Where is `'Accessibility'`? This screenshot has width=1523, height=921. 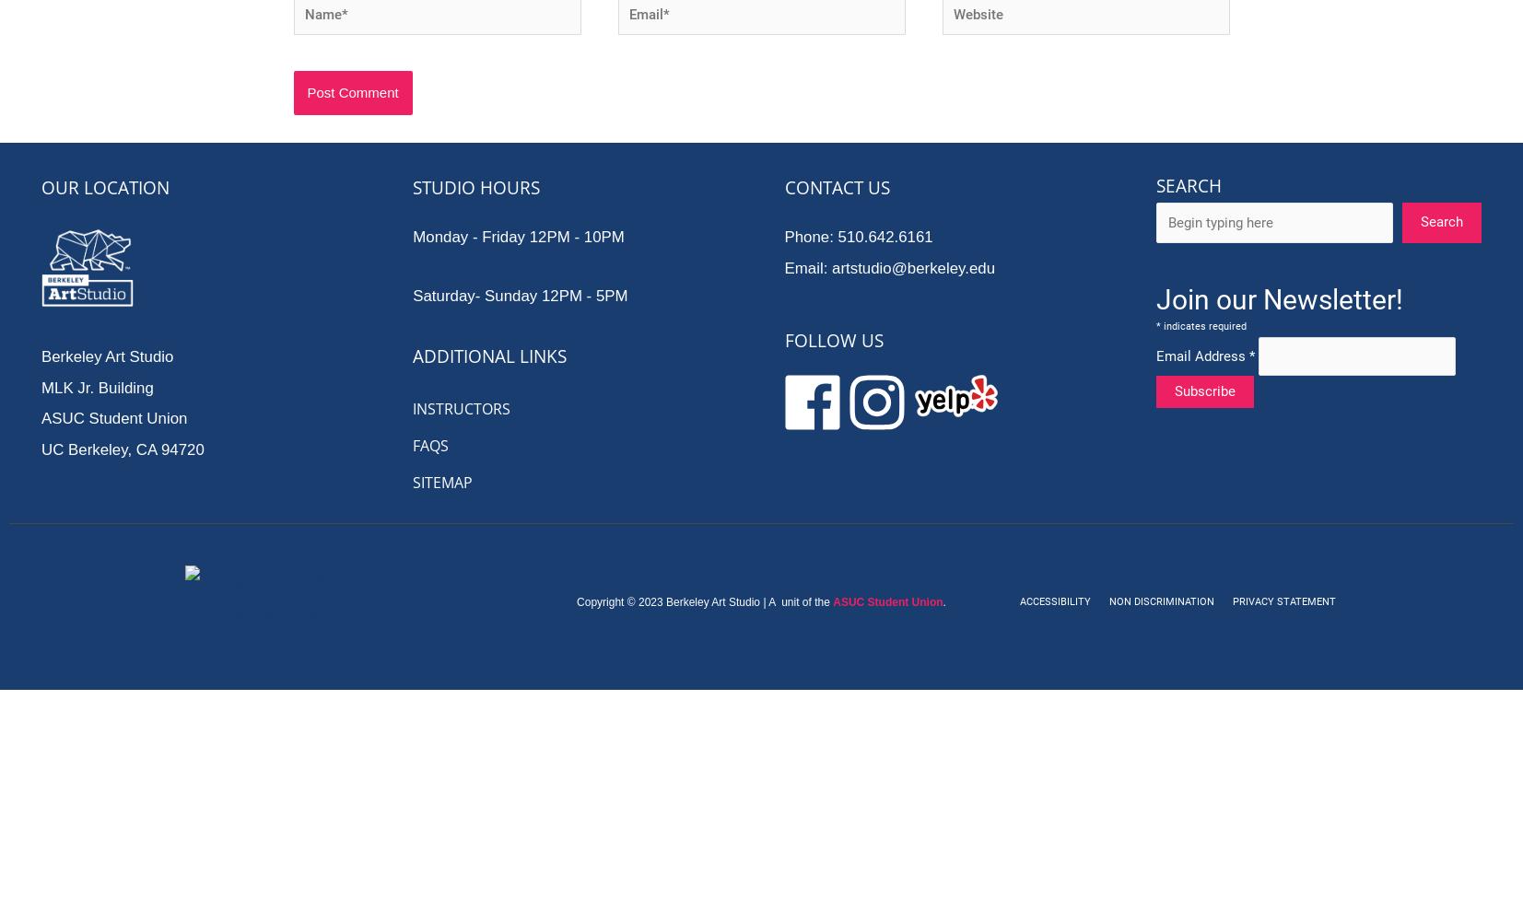 'Accessibility' is located at coordinates (1055, 600).